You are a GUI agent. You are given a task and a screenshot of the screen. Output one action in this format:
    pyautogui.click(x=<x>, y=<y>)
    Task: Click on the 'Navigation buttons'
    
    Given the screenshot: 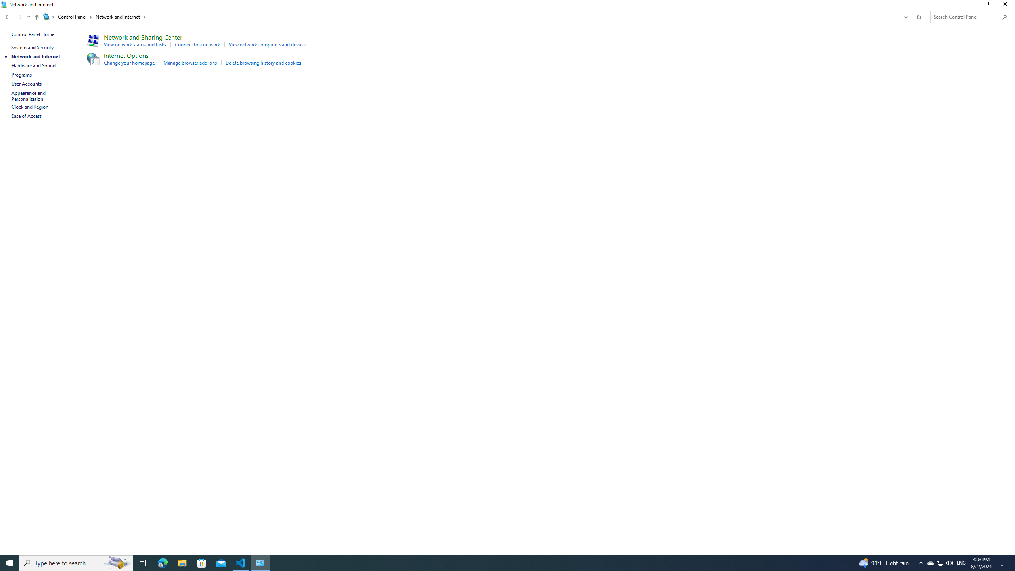 What is the action you would take?
    pyautogui.click(x=17, y=17)
    